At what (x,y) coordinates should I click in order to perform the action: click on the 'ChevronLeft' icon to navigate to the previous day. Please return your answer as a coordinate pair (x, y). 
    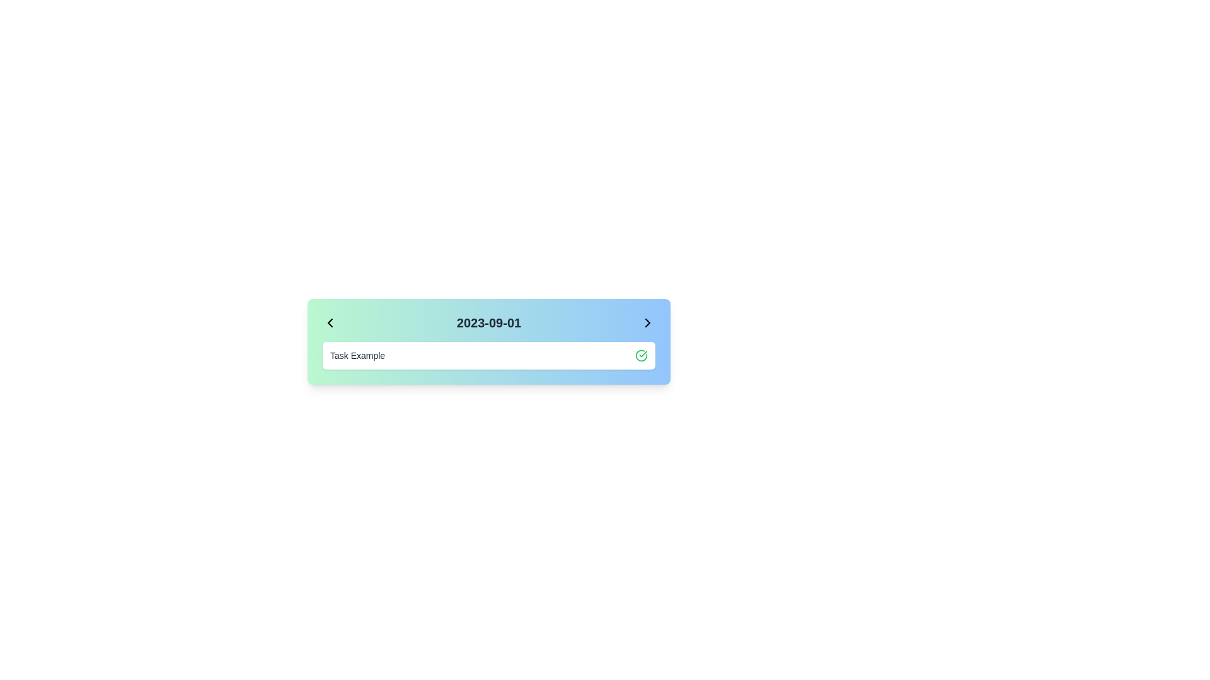
    Looking at the image, I should click on (330, 322).